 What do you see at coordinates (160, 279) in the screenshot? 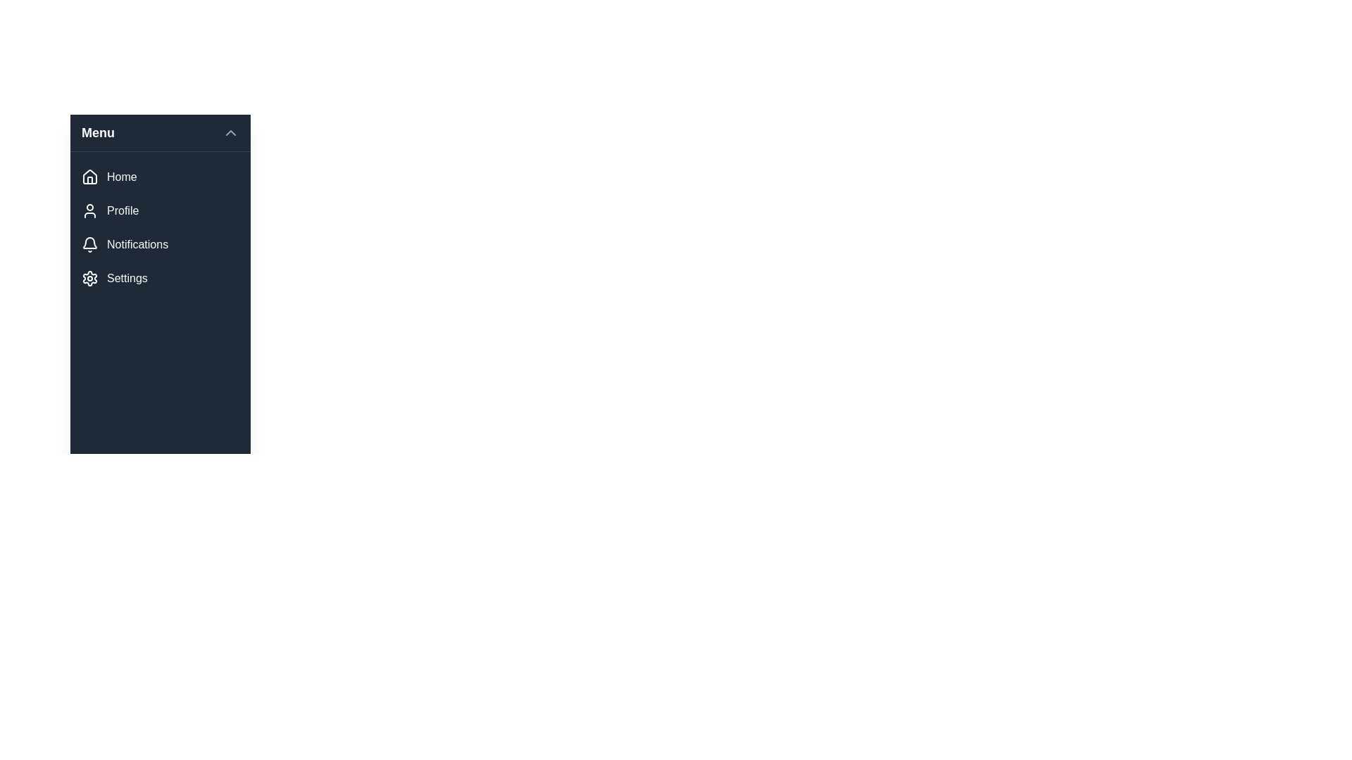
I see `the settings button located in the sidebar menu, which is the fourth item in the vertical list, positioned below the 'Notifications' button` at bounding box center [160, 279].